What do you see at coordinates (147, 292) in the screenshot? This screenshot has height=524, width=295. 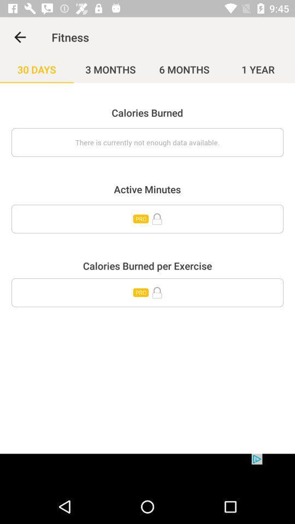 I see `open paid content` at bounding box center [147, 292].